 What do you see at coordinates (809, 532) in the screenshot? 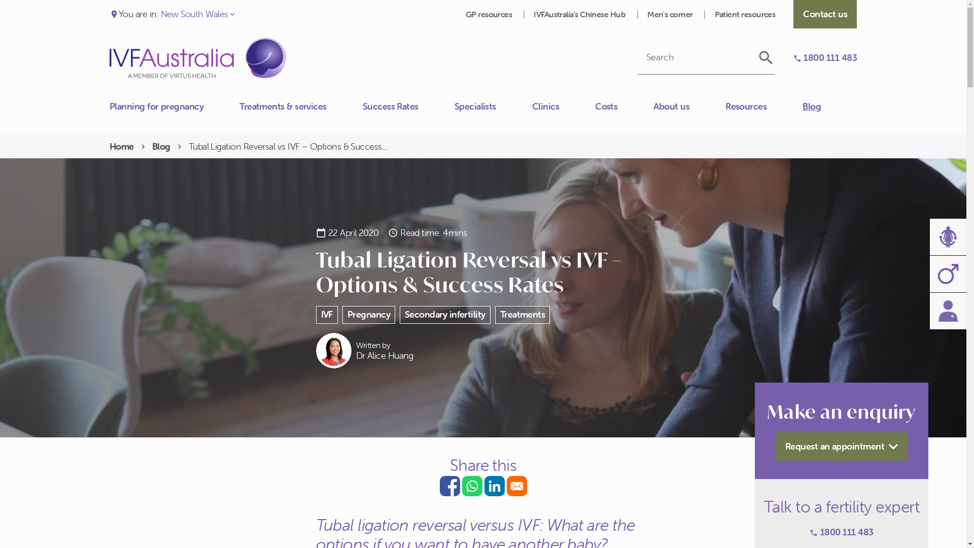
I see `'1800 111 483'` at bounding box center [809, 532].